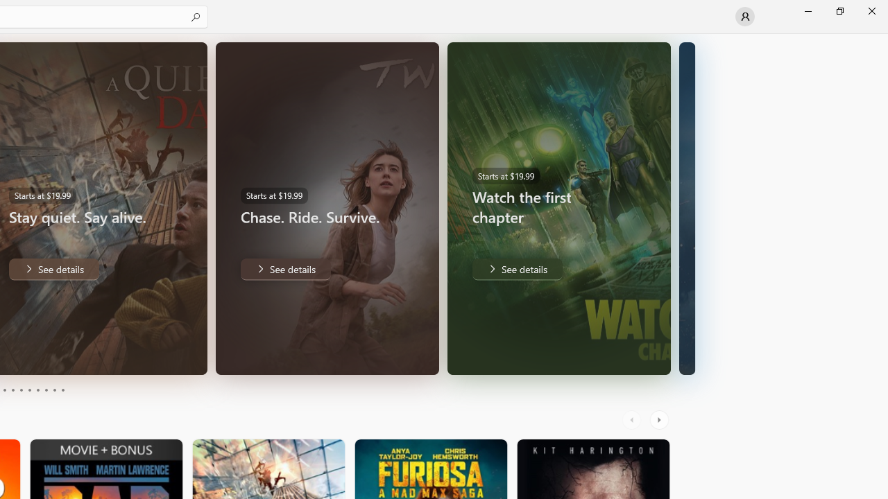  Describe the element at coordinates (37, 390) in the screenshot. I see `'Page 7'` at that location.